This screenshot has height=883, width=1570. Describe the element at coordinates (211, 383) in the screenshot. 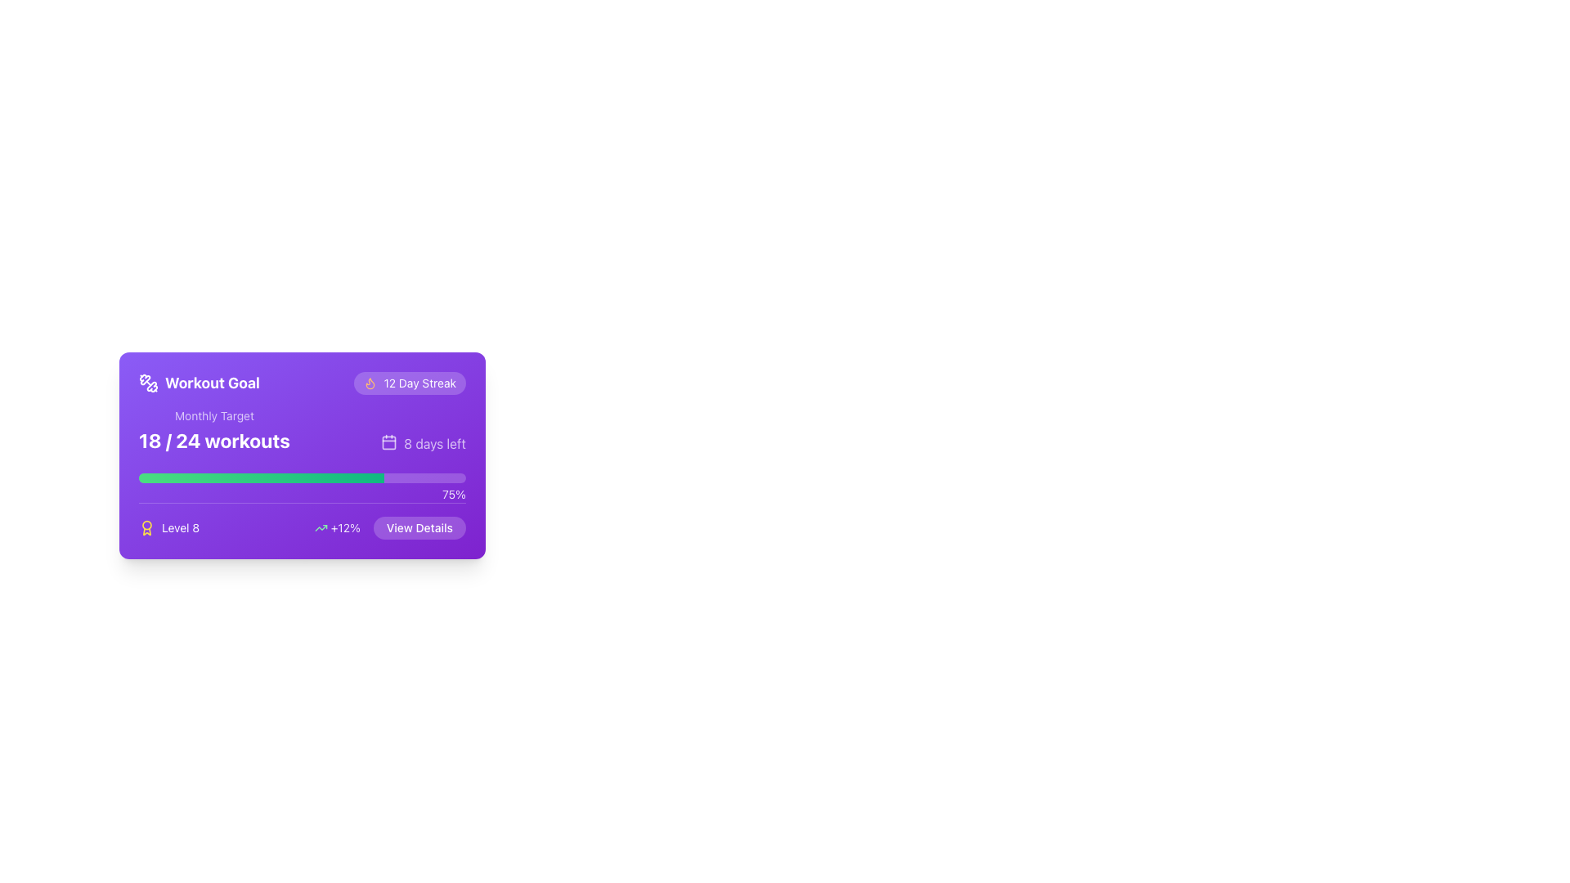

I see `the title text label of the card, which is positioned at the top-left region next to a dumbbell icon and above the text 'Monthly Target'` at that location.